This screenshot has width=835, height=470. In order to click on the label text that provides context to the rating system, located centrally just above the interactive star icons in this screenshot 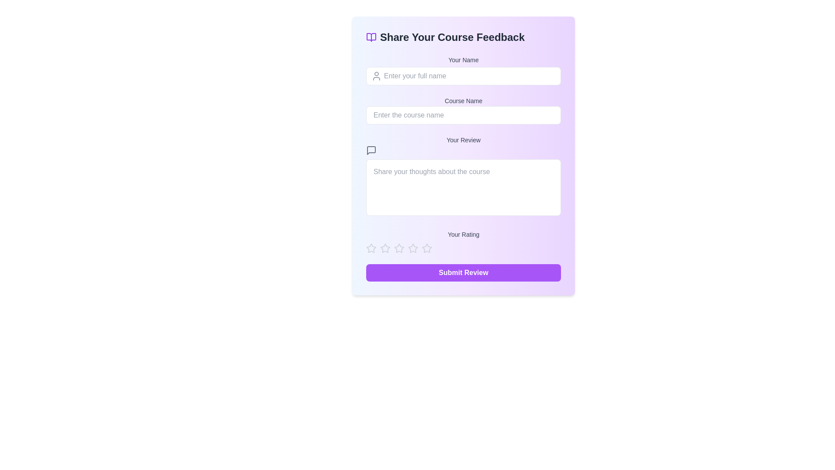, I will do `click(463, 234)`.